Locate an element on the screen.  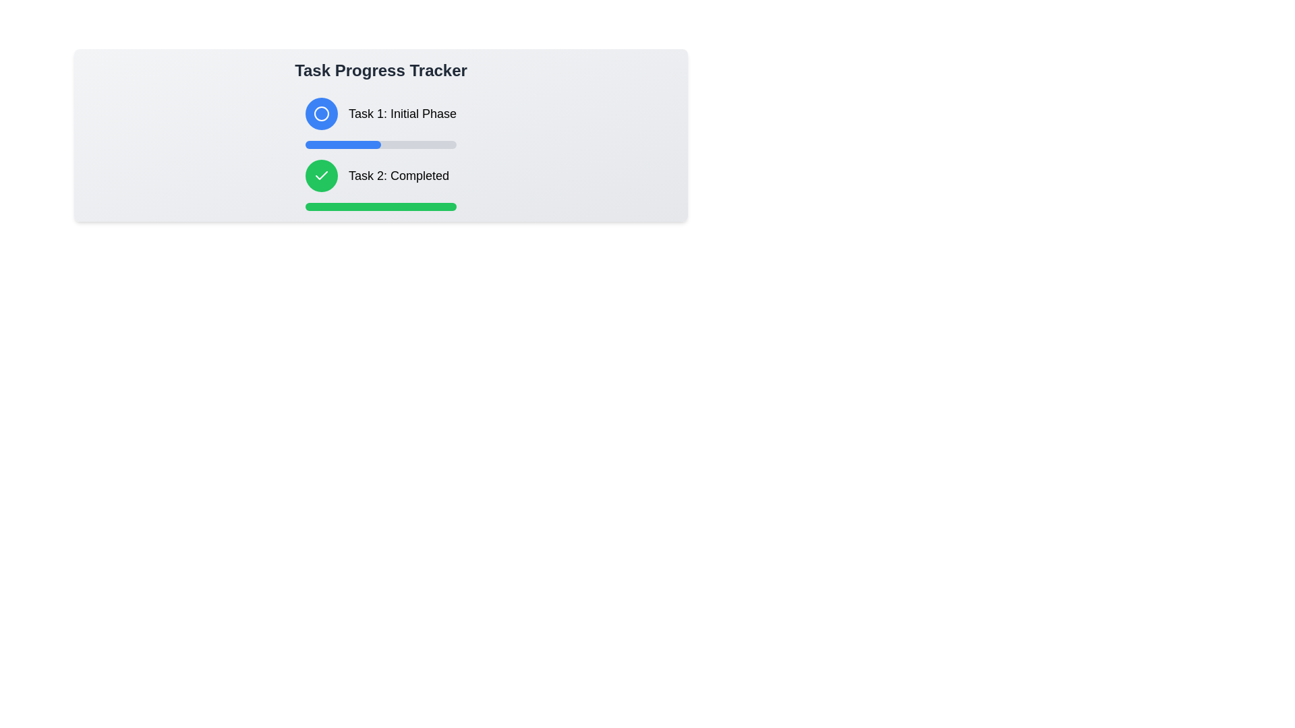
the first task item label in the task tracker interface, which is positioned below the title 'Task Progress Tracker' and above the progress bar is located at coordinates (380, 113).